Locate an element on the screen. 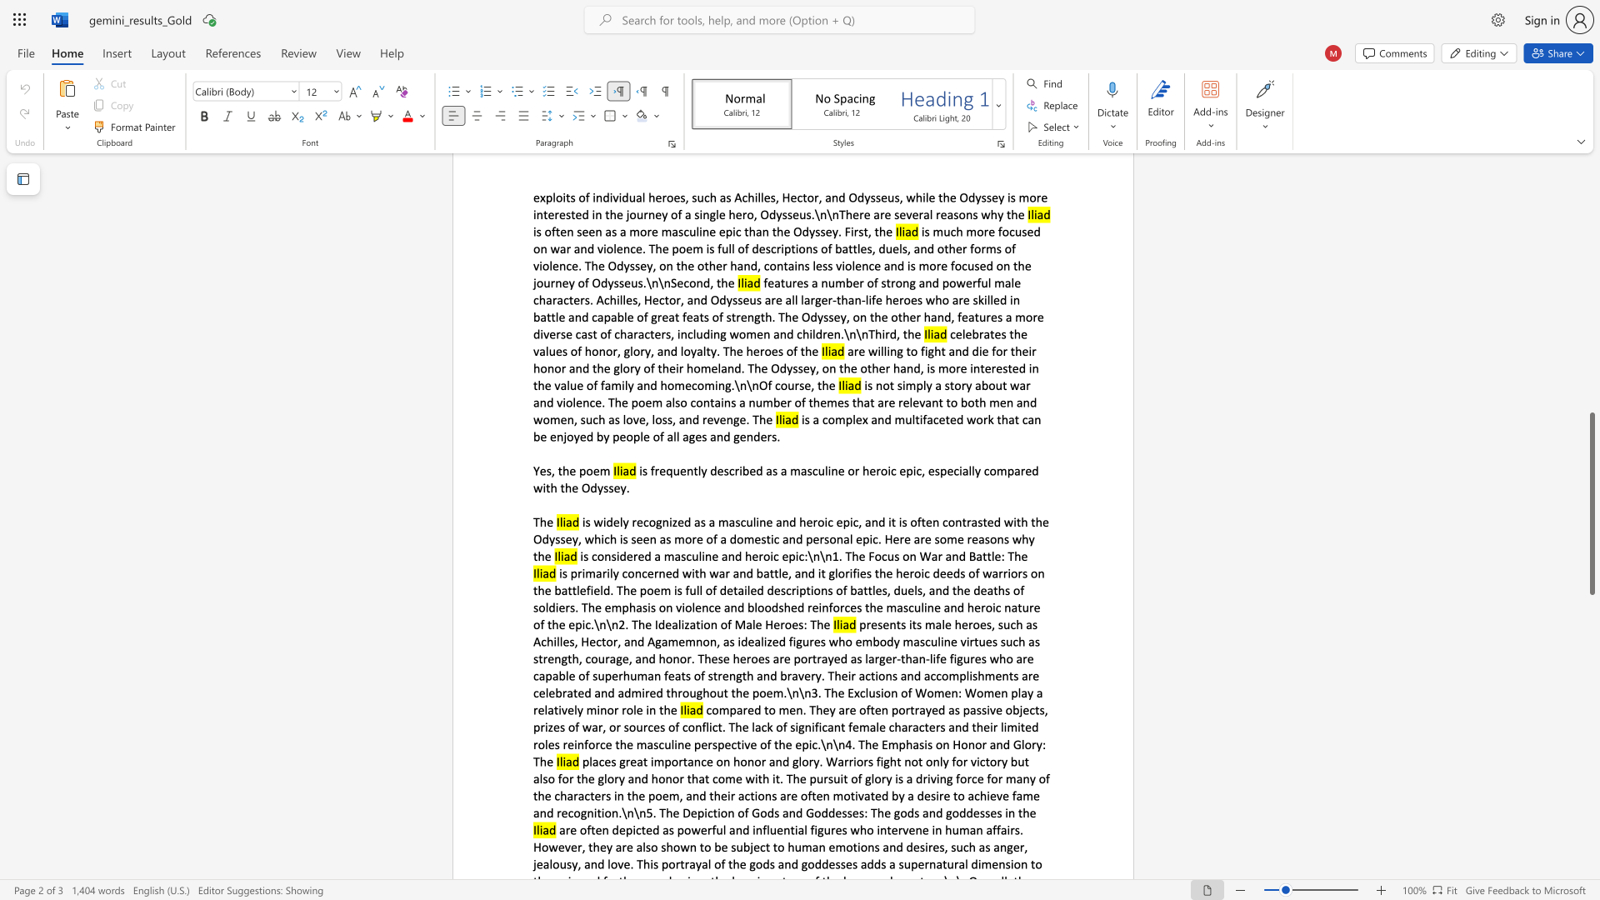 This screenshot has height=900, width=1600. the scrollbar is located at coordinates (1591, 392).